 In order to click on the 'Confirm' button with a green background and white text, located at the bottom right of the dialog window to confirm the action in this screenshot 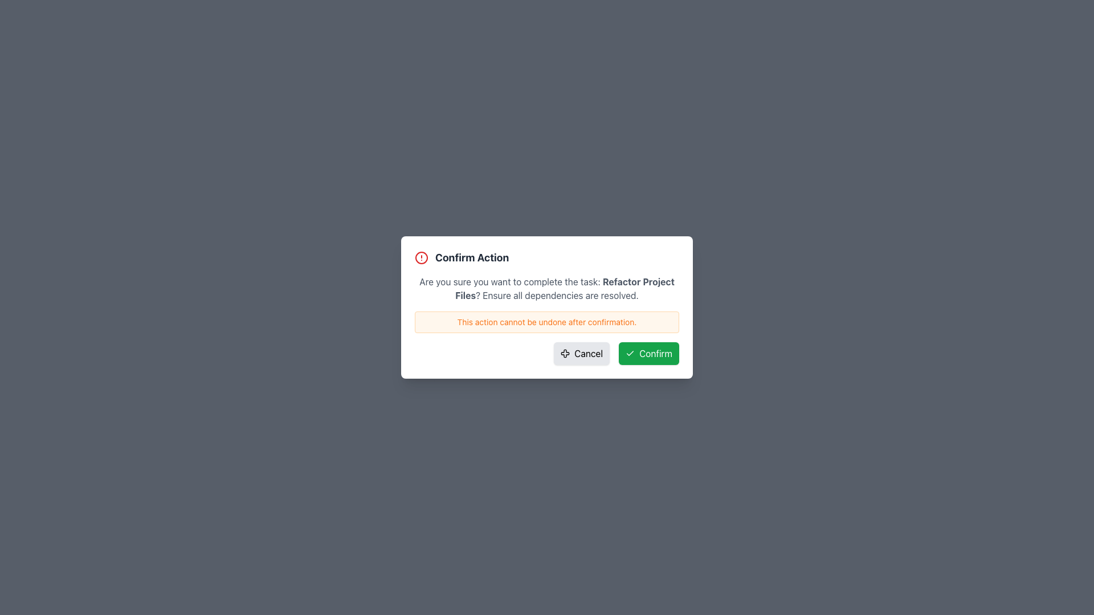, I will do `click(648, 353)`.